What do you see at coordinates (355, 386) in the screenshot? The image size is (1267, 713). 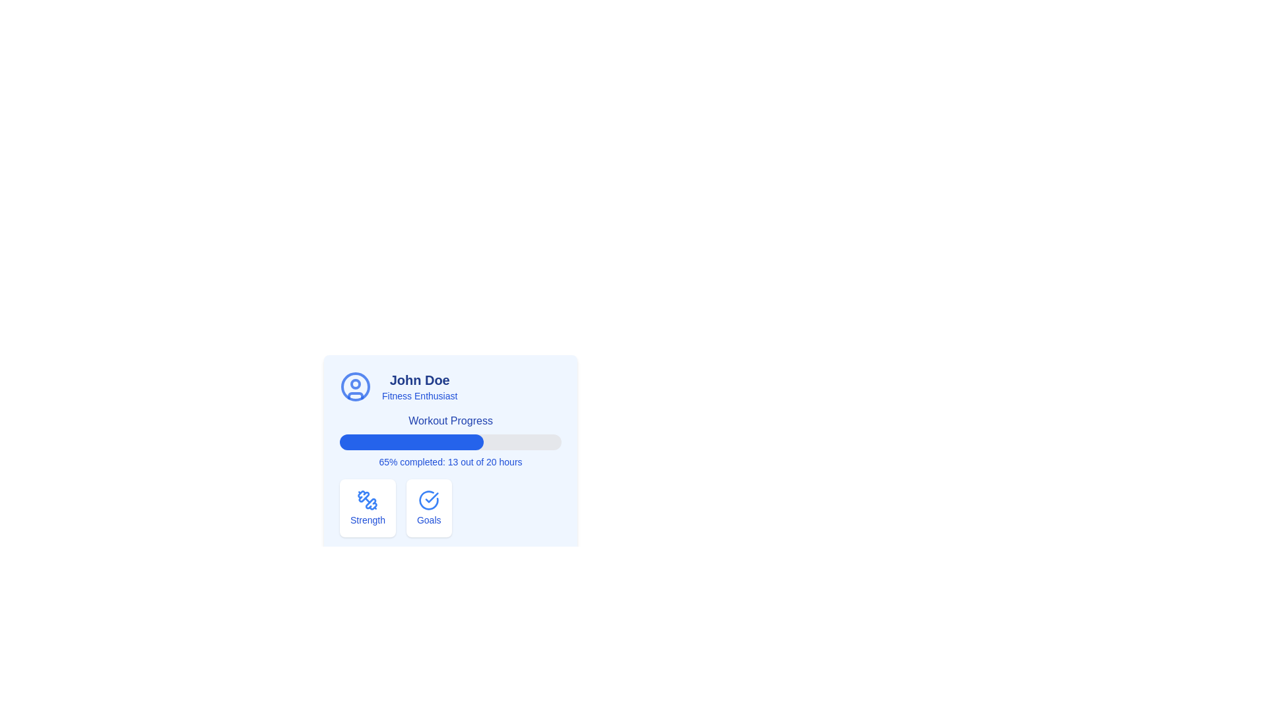 I see `the outermost circle of the user profile icon representing 'John Doe' in the SVG` at bounding box center [355, 386].